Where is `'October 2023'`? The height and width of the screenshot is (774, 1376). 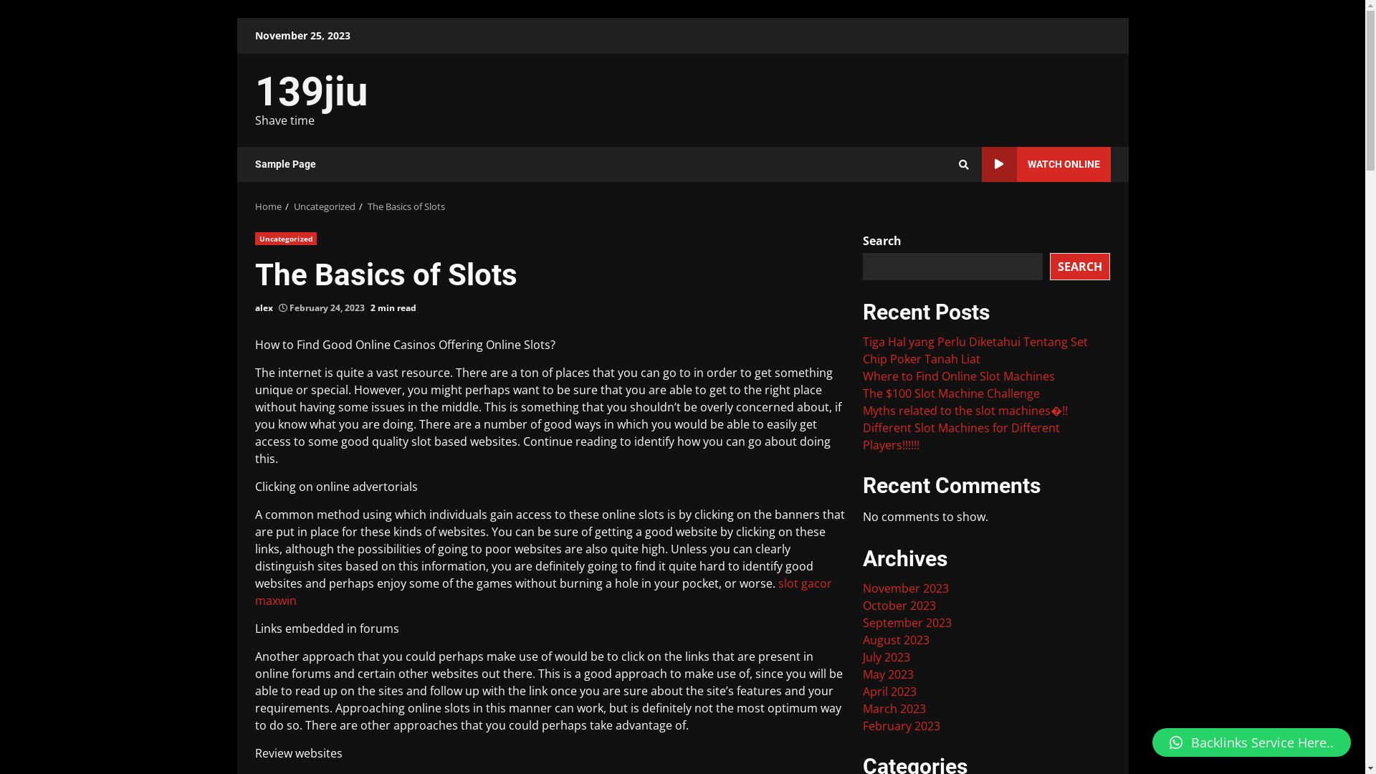 'October 2023' is located at coordinates (898, 605).